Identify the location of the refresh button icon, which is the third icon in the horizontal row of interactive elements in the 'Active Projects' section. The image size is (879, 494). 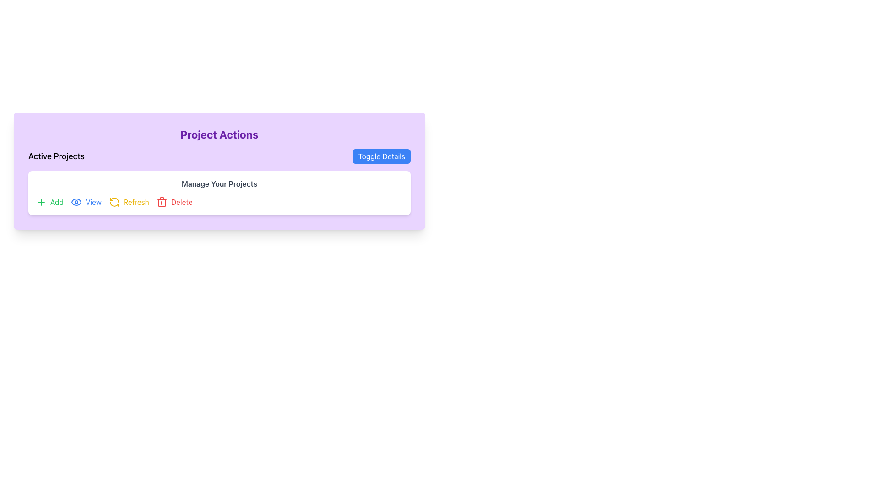
(114, 202).